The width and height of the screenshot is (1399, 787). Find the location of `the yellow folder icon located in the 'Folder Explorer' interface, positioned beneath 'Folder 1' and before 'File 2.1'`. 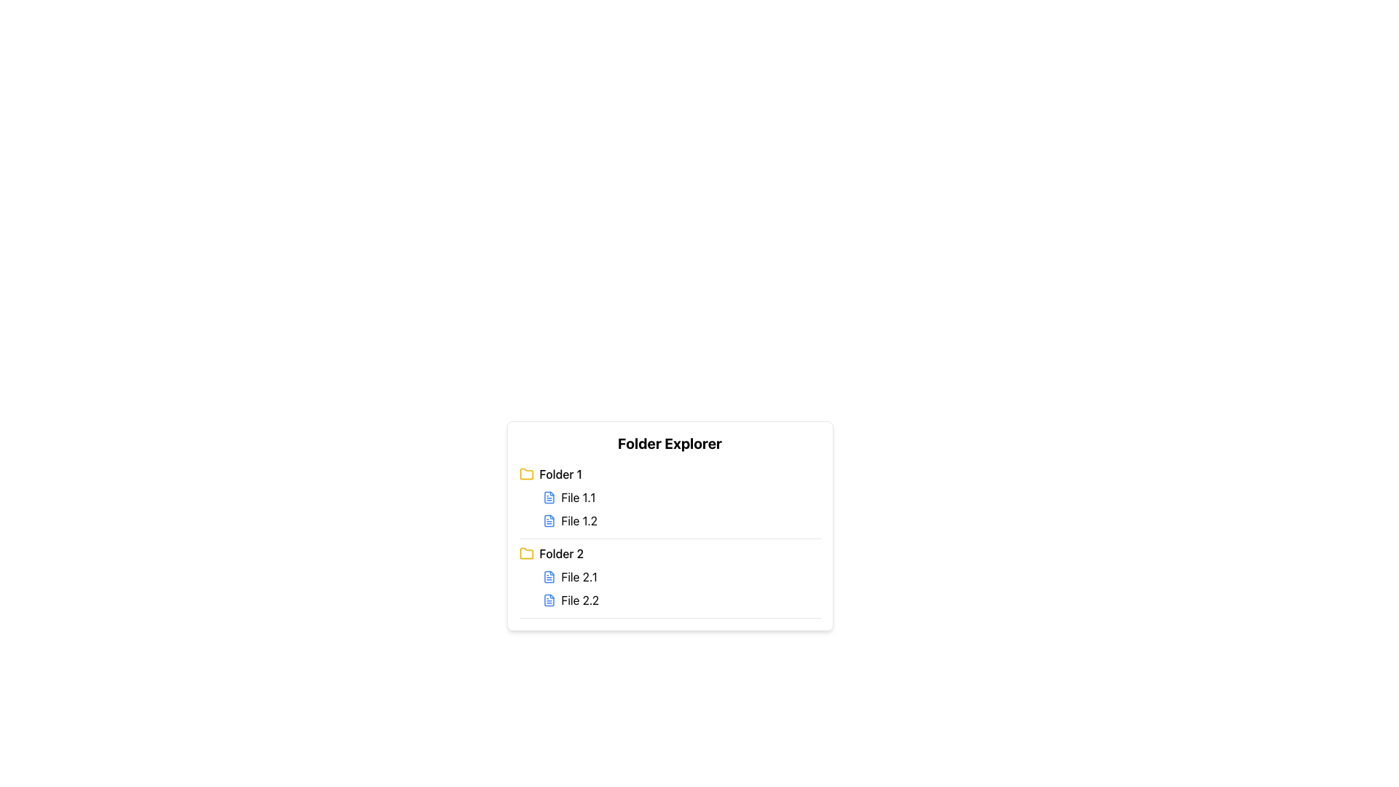

the yellow folder icon located in the 'Folder Explorer' interface, positioned beneath 'Folder 1' and before 'File 2.1' is located at coordinates (525, 553).